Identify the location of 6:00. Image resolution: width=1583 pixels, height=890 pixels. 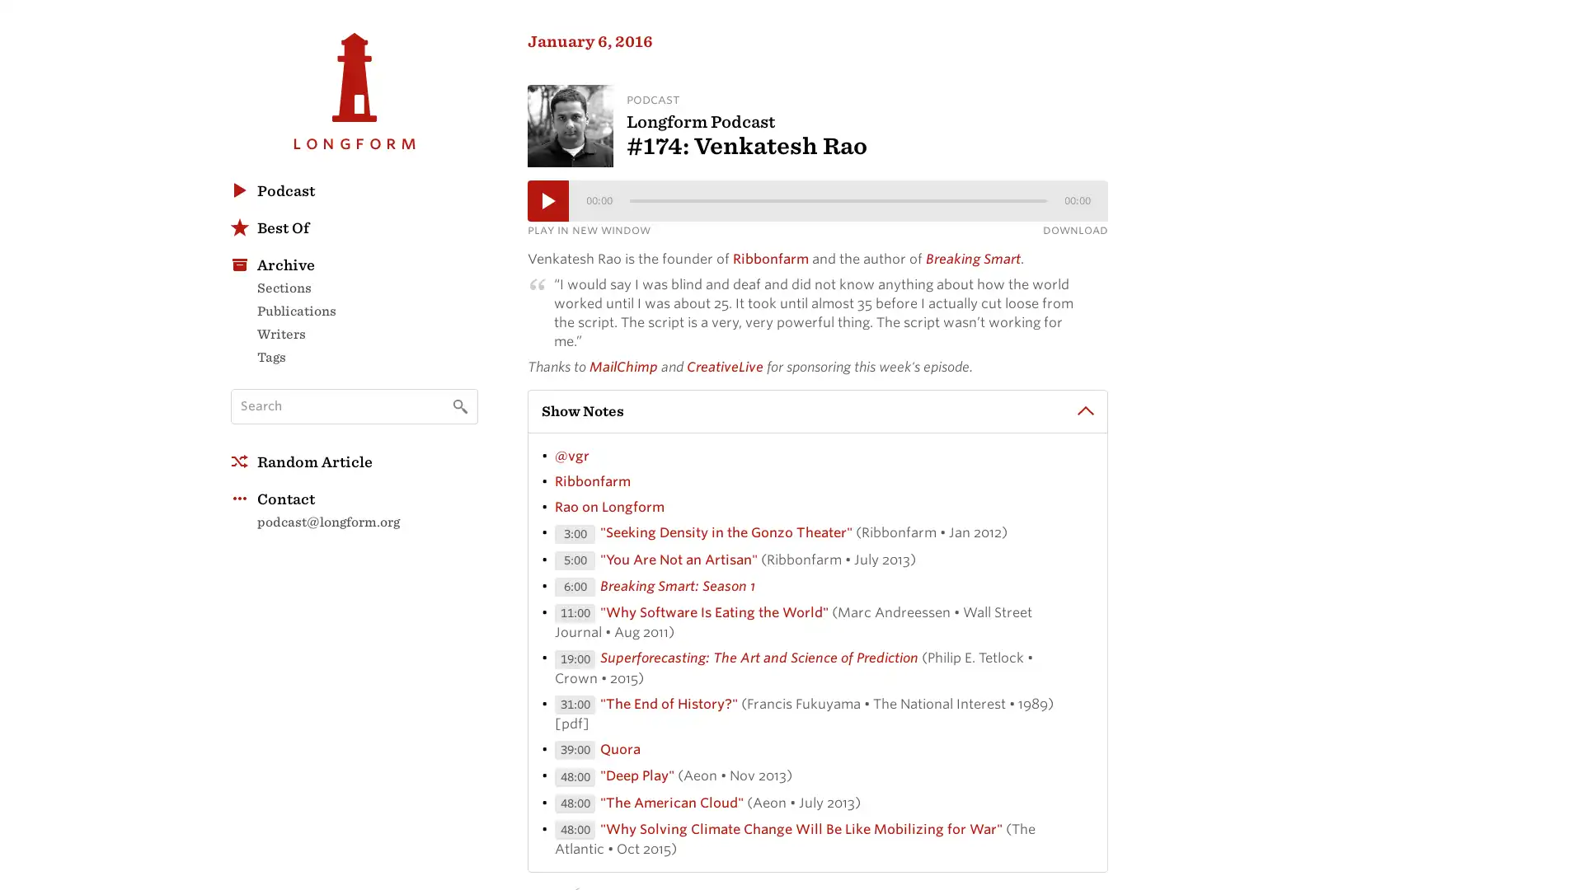
(575, 589).